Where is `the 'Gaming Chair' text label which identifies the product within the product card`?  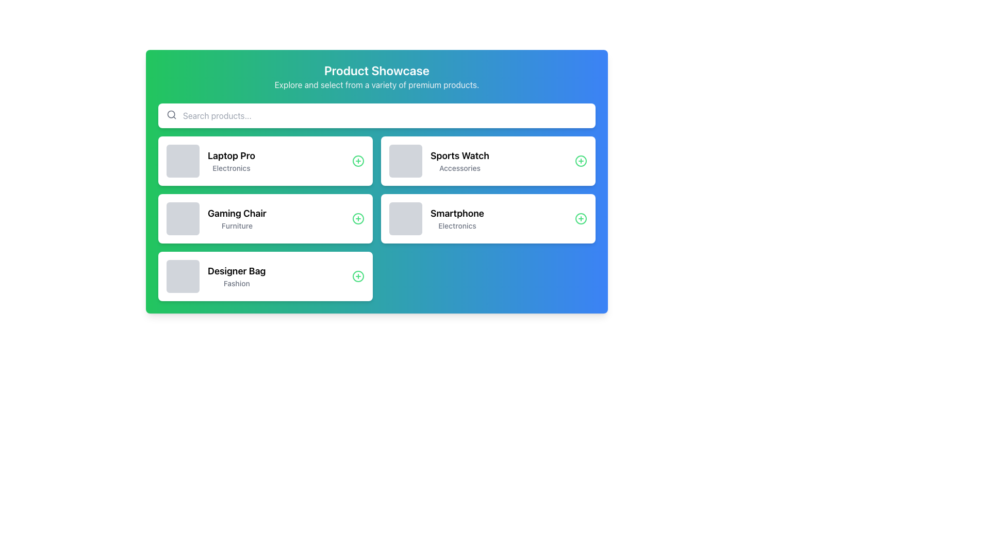
the 'Gaming Chair' text label which identifies the product within the product card is located at coordinates (236, 213).